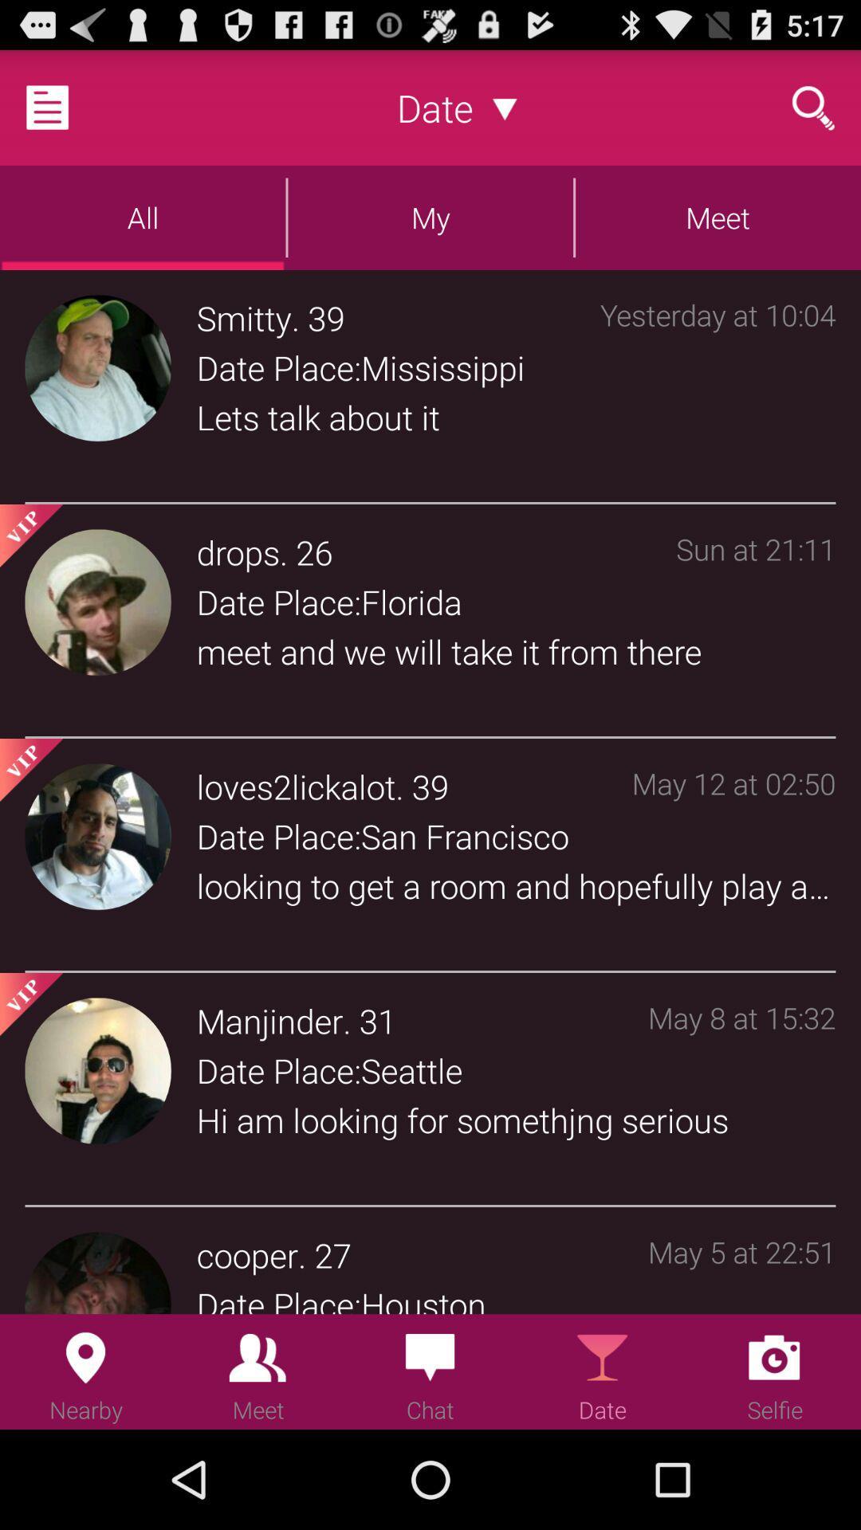 This screenshot has width=861, height=1530. What do you see at coordinates (755, 623) in the screenshot?
I see `sun at 21` at bounding box center [755, 623].